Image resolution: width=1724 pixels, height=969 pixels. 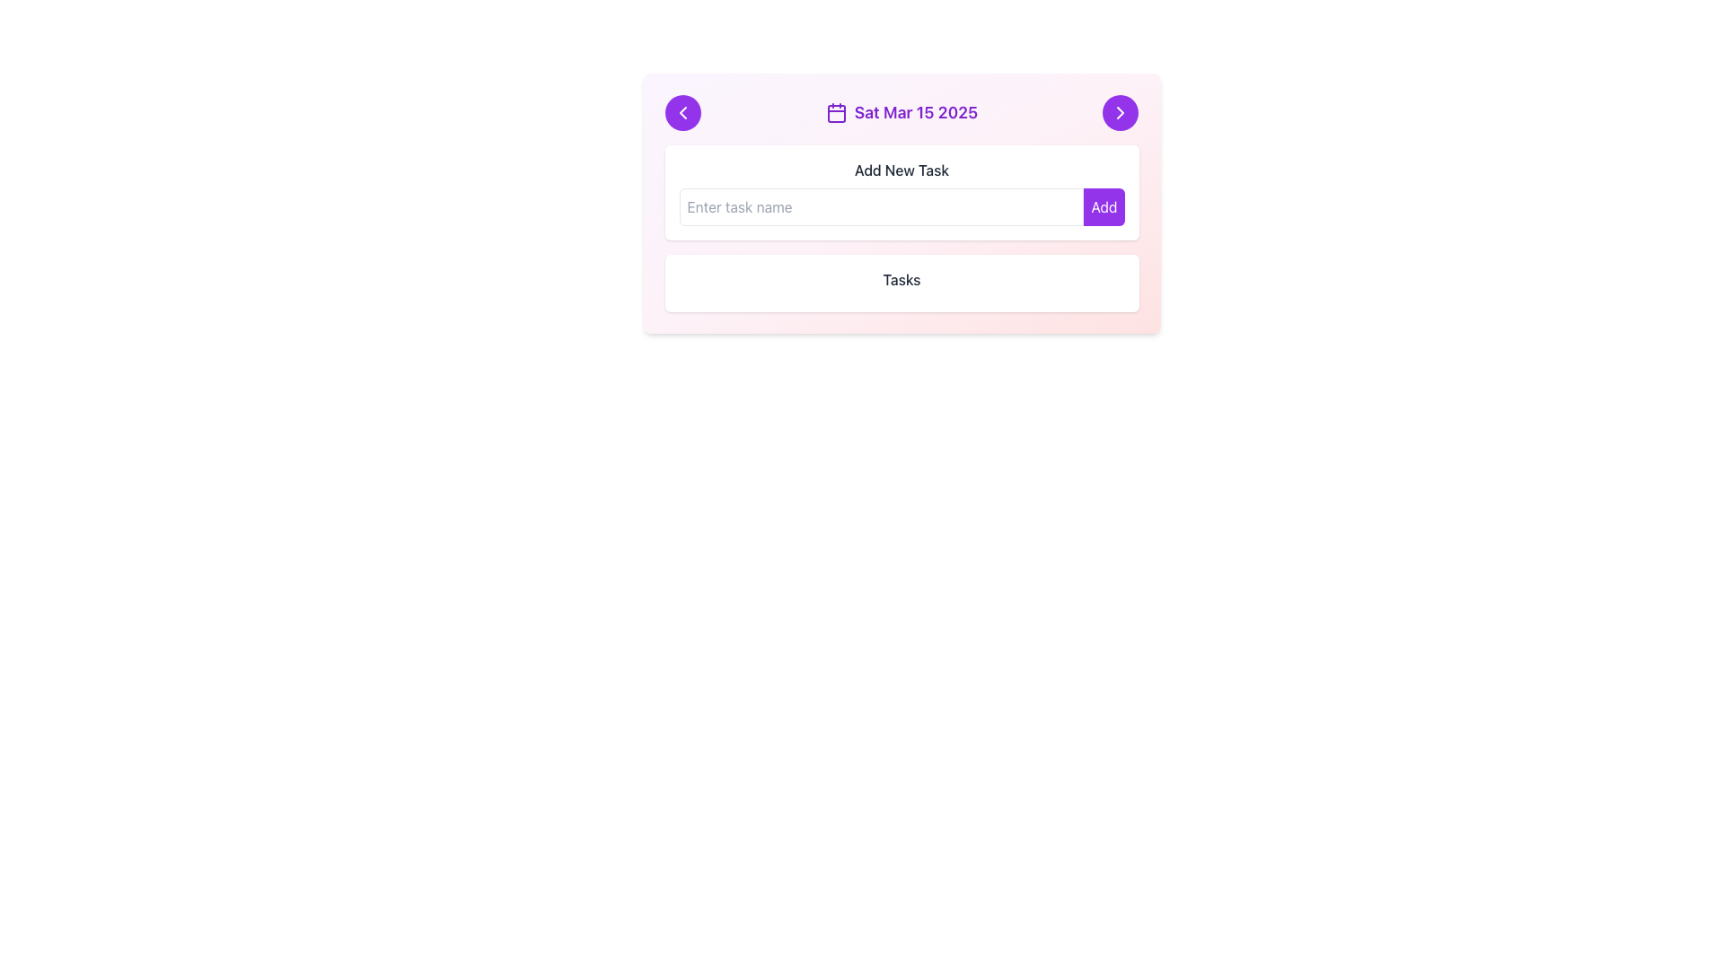 I want to click on the decorative rectangle element within the calendar icon located at the top center of the interface, so click(x=835, y=114).